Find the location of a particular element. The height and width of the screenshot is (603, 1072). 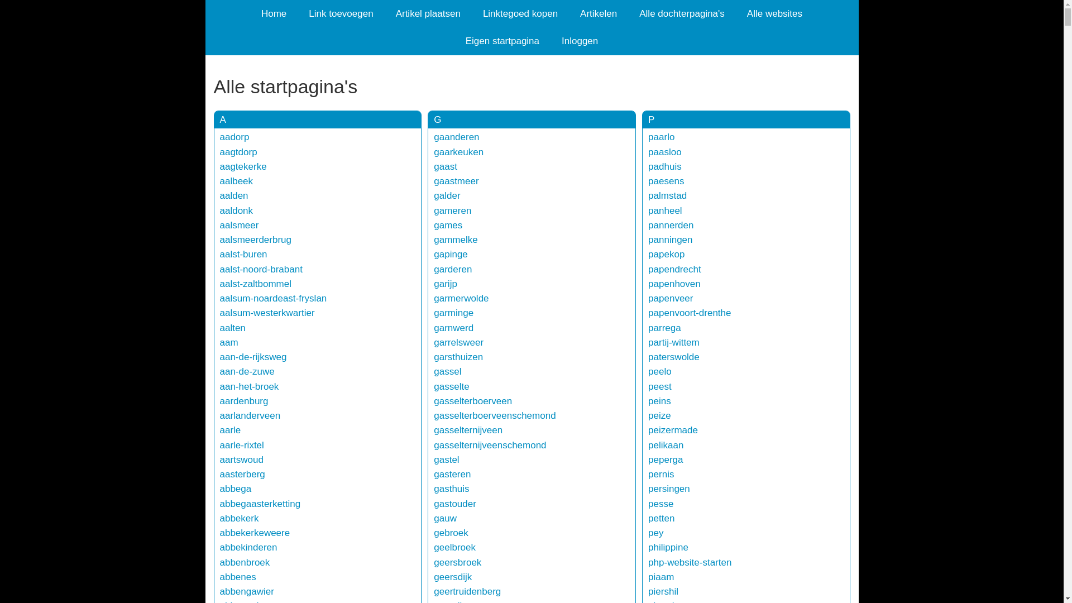

'gameren' is located at coordinates (433, 210).